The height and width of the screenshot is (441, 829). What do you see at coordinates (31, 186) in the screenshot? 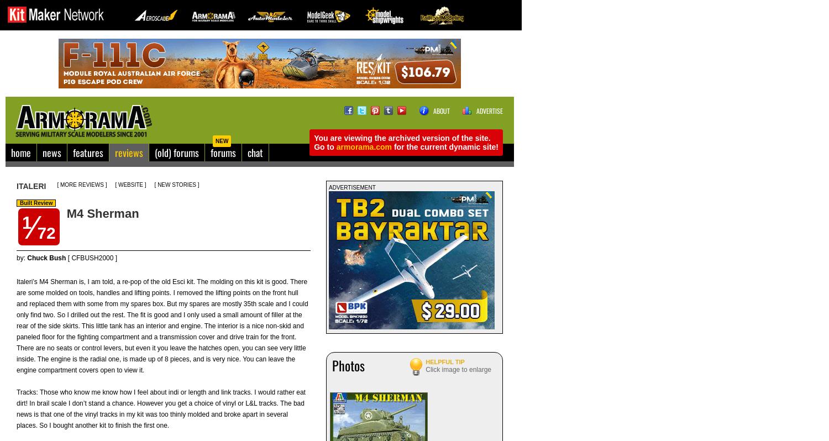
I see `'ITALERI'` at bounding box center [31, 186].